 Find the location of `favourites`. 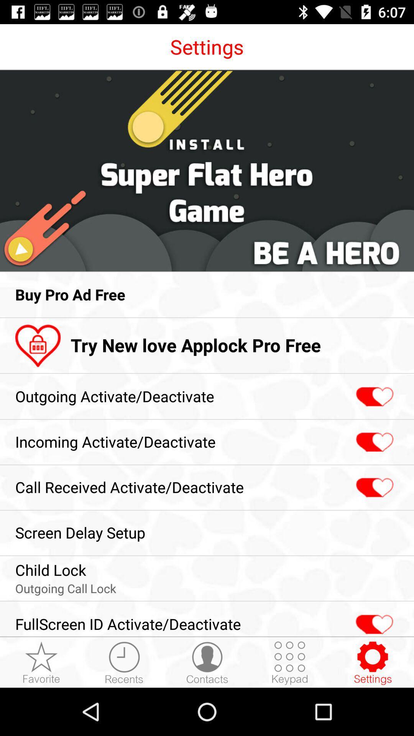

favourites is located at coordinates (41, 662).